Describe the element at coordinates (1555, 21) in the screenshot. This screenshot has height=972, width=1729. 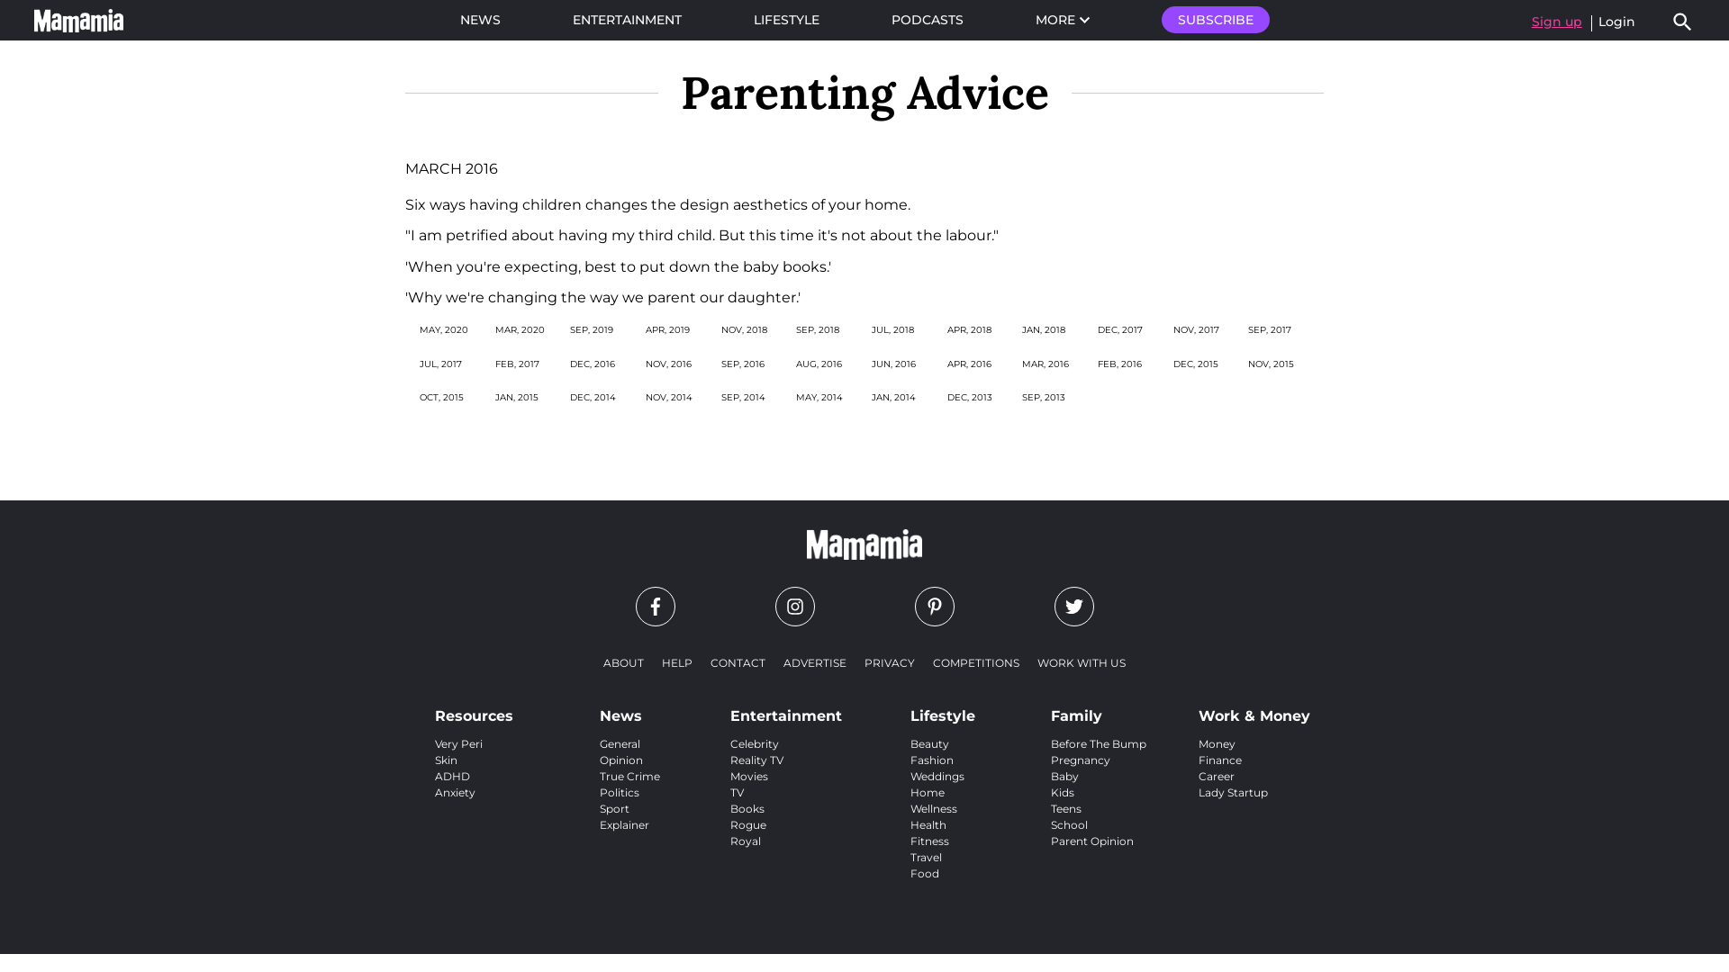
I see `'Sign up'` at that location.